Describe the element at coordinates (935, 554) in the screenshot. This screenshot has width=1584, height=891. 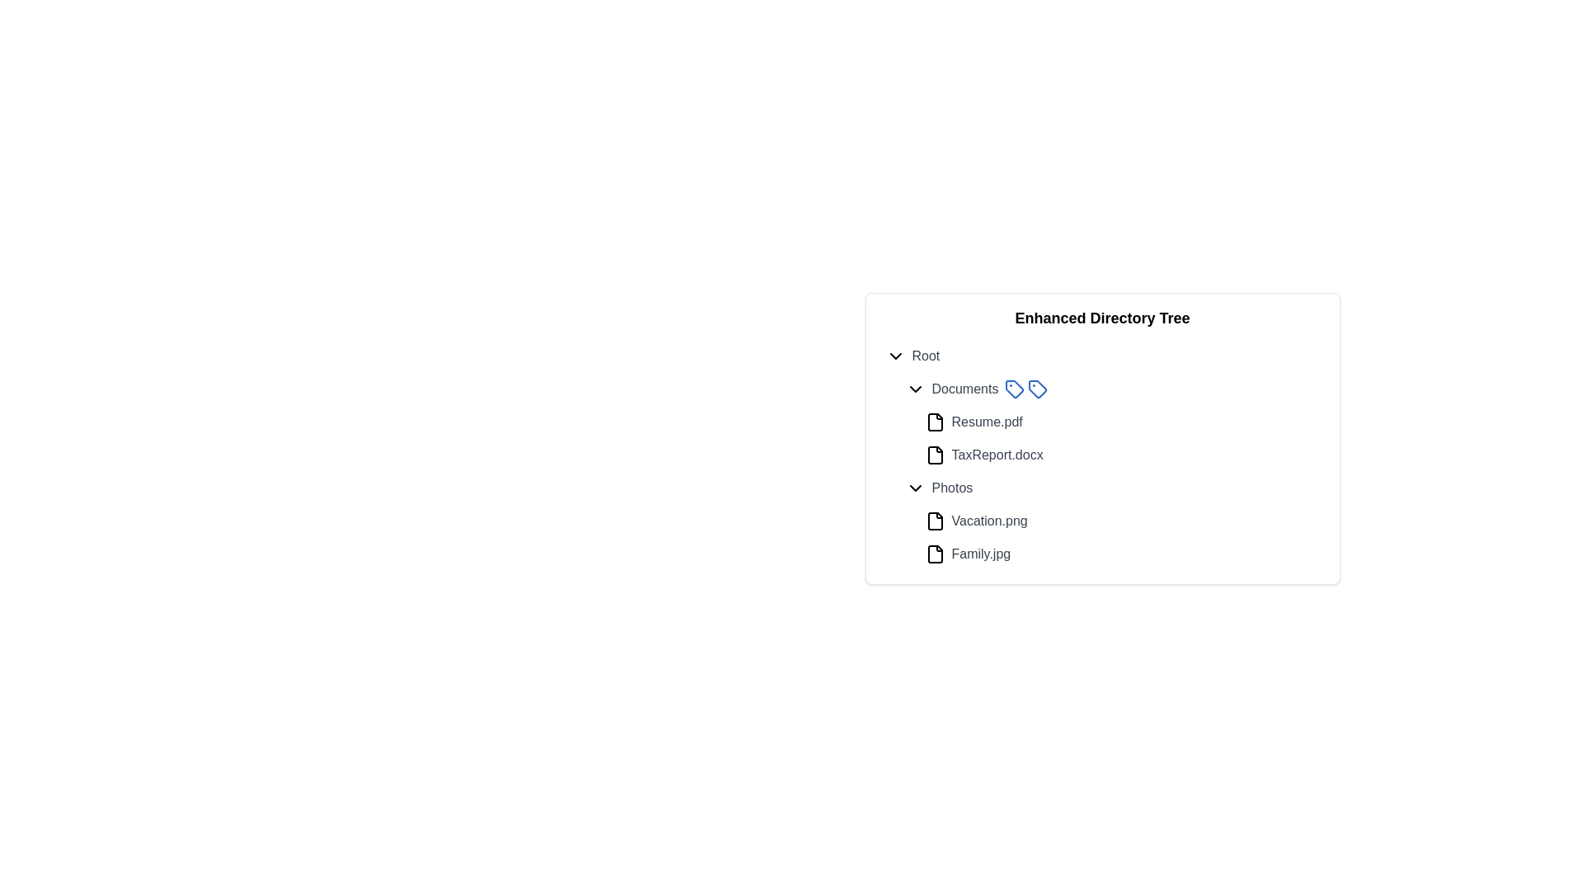
I see `the file type icon representing 'Family.jpg'` at that location.